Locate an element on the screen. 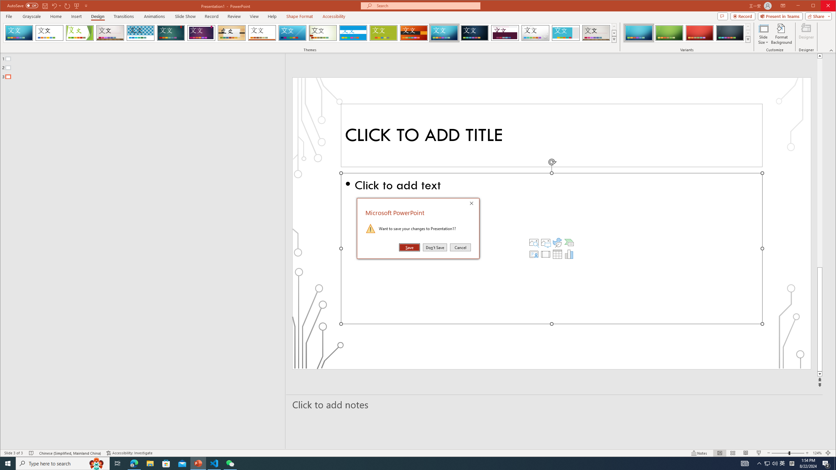 The height and width of the screenshot is (470, 836). 'Basis' is located at coordinates (383, 33).